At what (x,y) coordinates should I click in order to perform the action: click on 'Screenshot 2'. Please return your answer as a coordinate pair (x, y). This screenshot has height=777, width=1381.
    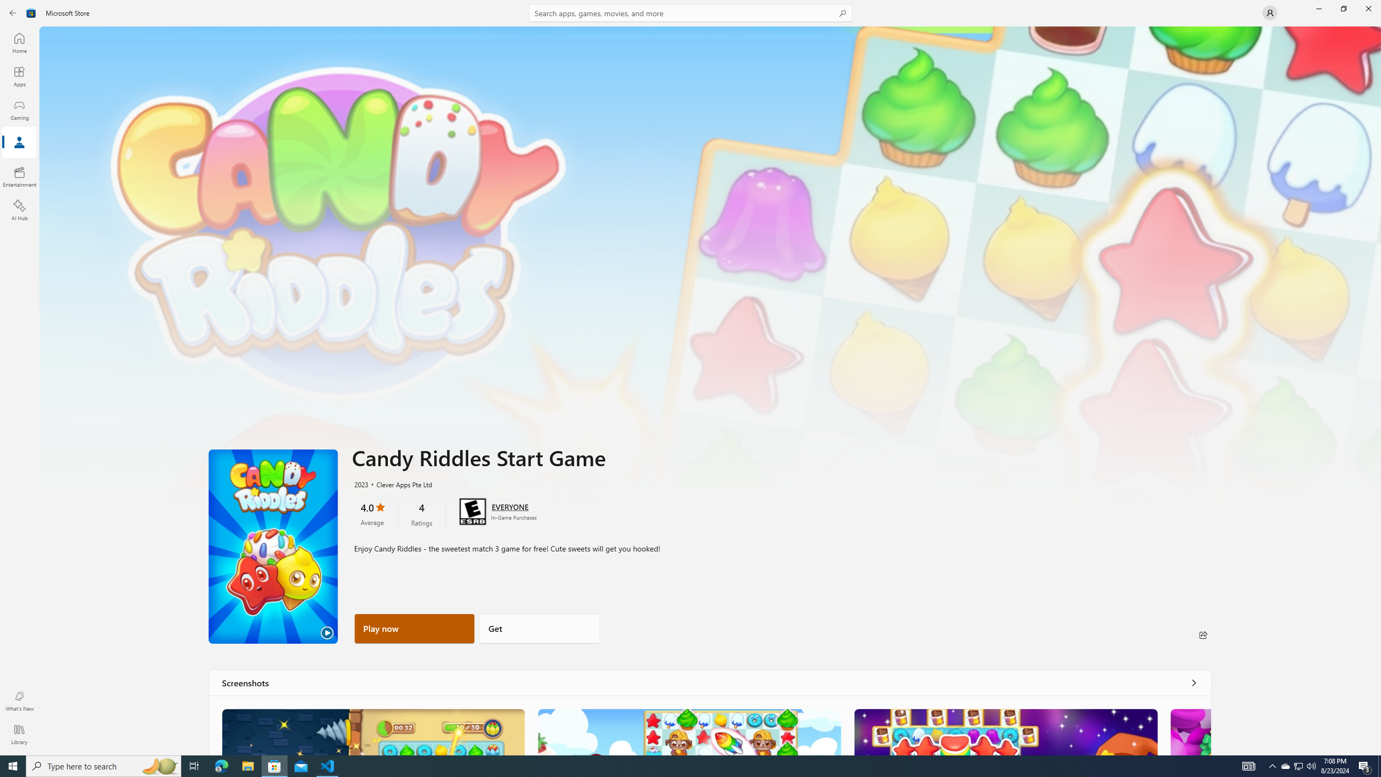
    Looking at the image, I should click on (688, 731).